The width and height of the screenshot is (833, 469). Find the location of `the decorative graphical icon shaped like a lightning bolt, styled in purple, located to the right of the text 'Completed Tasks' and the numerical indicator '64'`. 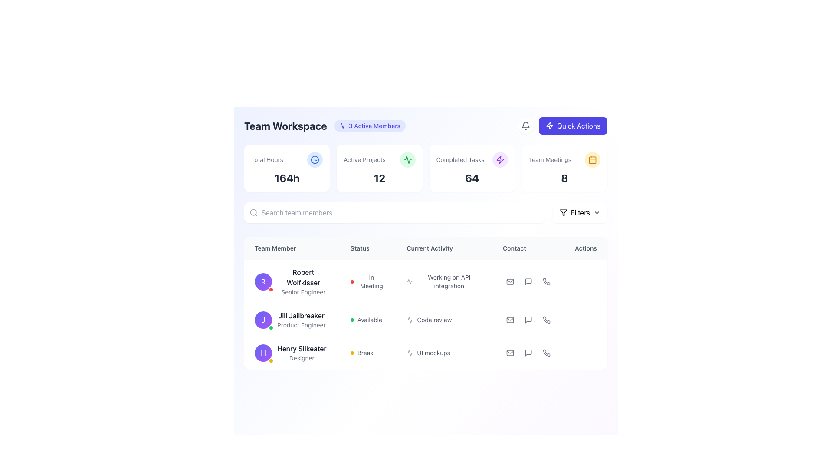

the decorative graphical icon shaped like a lightning bolt, styled in purple, located to the right of the text 'Completed Tasks' and the numerical indicator '64' is located at coordinates (500, 159).